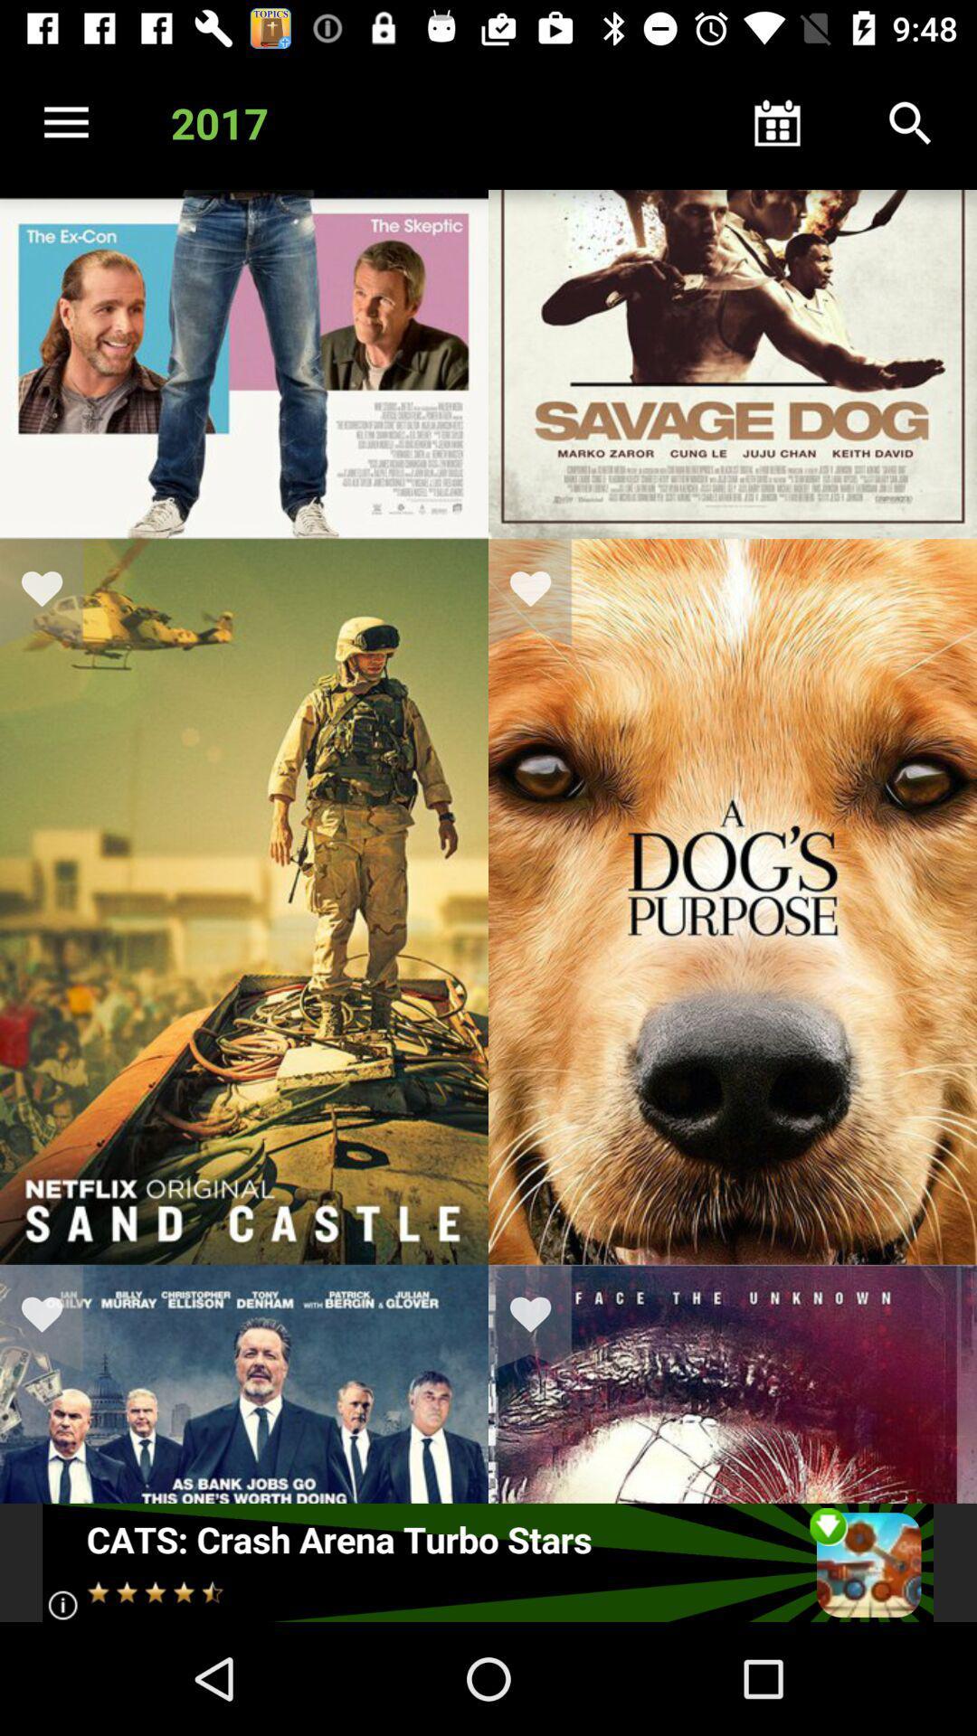  What do you see at coordinates (52, 592) in the screenshot?
I see `like` at bounding box center [52, 592].